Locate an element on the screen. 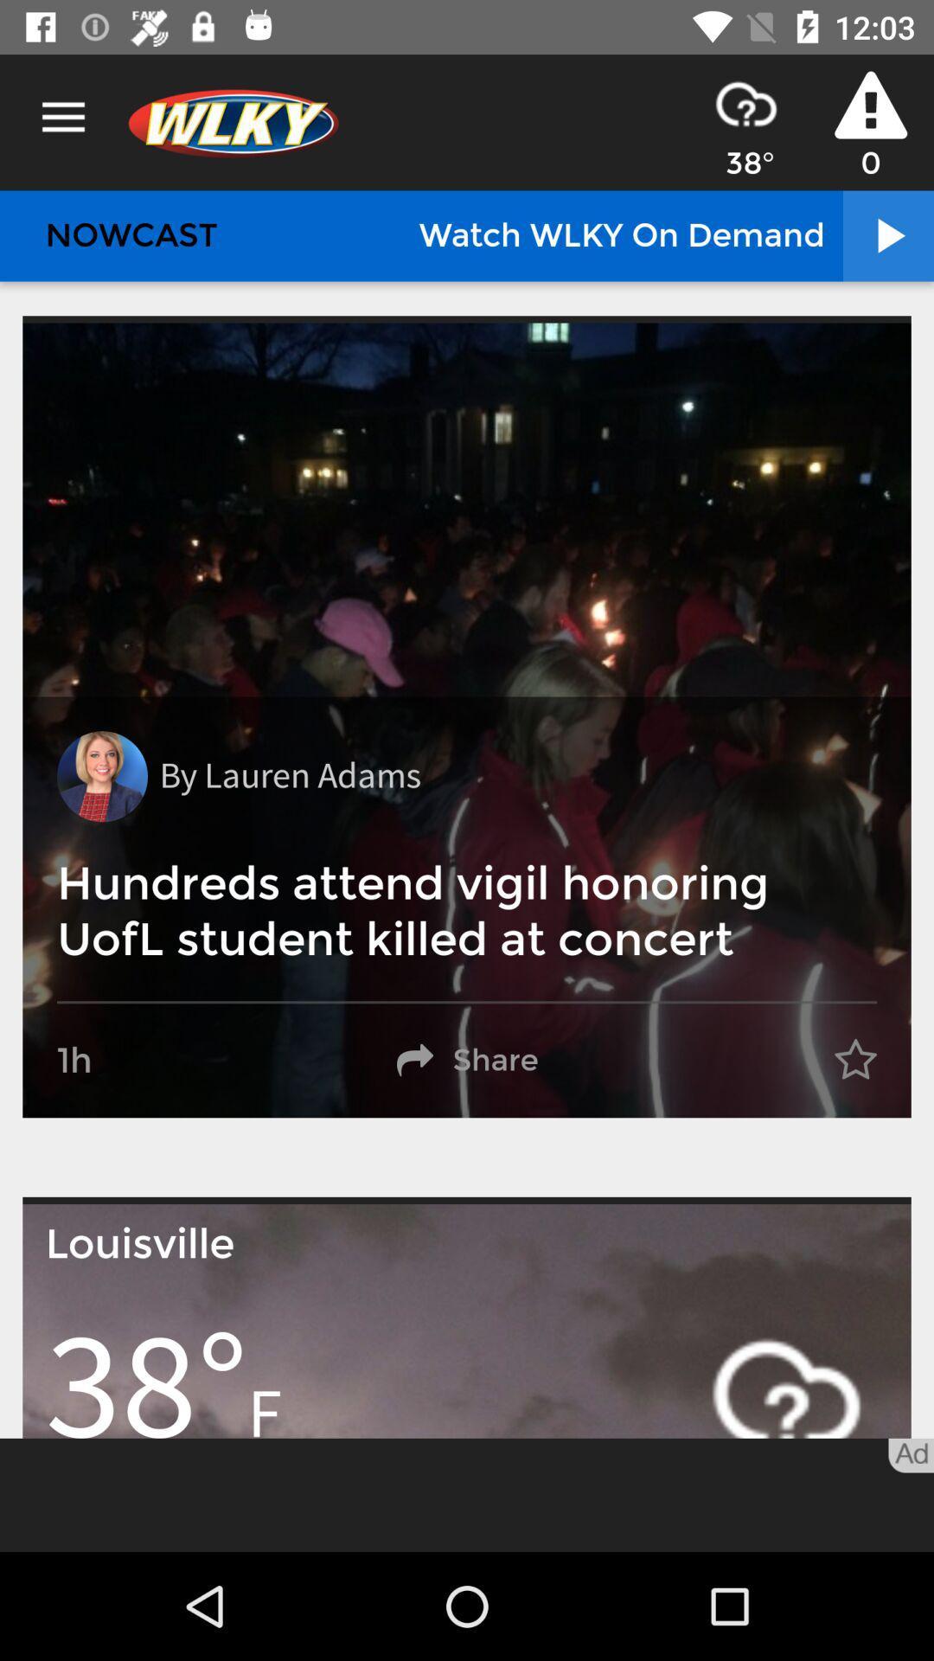  icon above hundreds attend vigil item is located at coordinates (289, 775).